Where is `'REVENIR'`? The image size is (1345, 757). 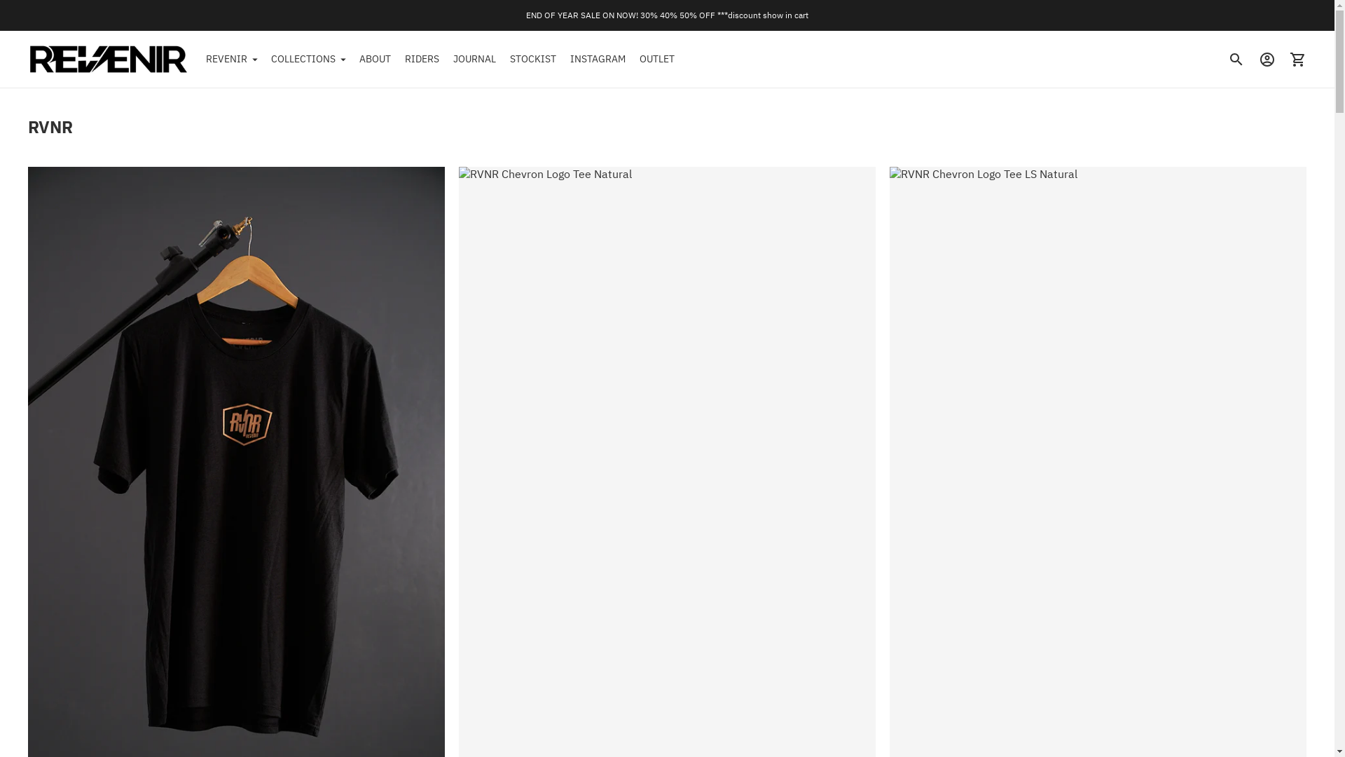
'REVENIR' is located at coordinates (231, 58).